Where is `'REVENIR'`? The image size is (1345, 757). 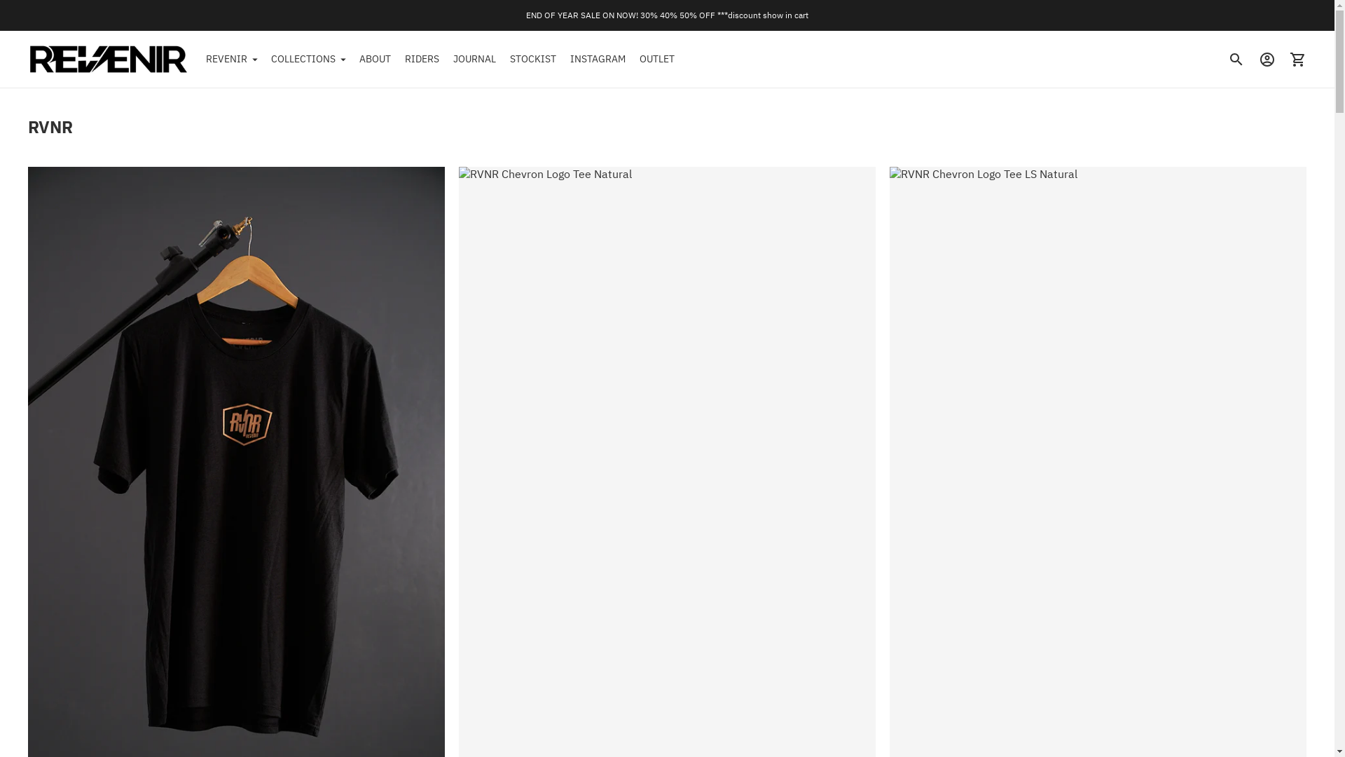
'REVENIR' is located at coordinates (231, 58).